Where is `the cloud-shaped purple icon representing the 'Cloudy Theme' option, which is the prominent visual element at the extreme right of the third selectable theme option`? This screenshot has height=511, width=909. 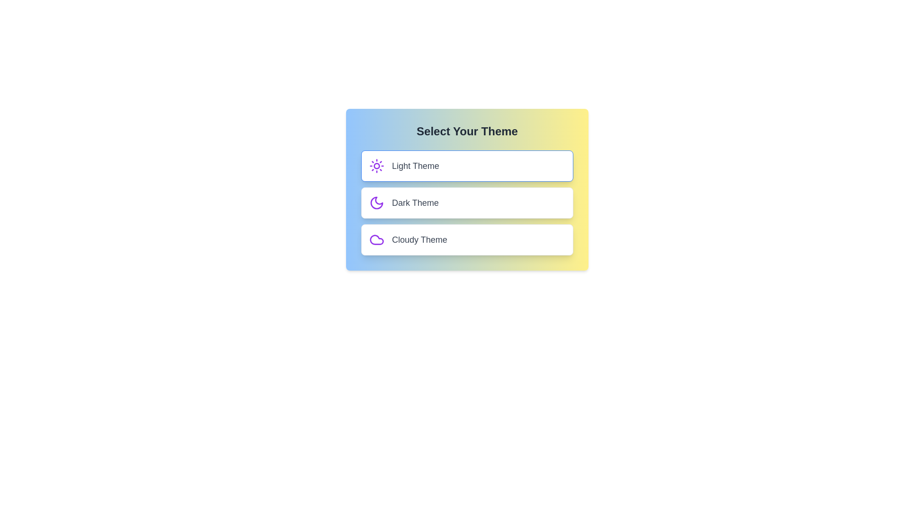
the cloud-shaped purple icon representing the 'Cloudy Theme' option, which is the prominent visual element at the extreme right of the third selectable theme option is located at coordinates (376, 239).